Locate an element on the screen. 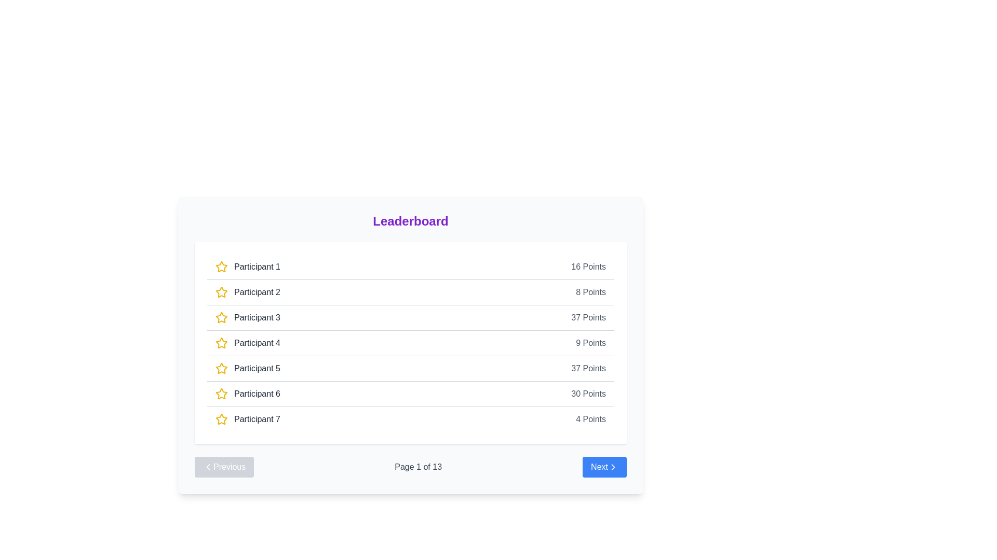  the star-shaped icon located beside the text 'Participant 2' in the second row of the leaderboard is located at coordinates (221, 292).